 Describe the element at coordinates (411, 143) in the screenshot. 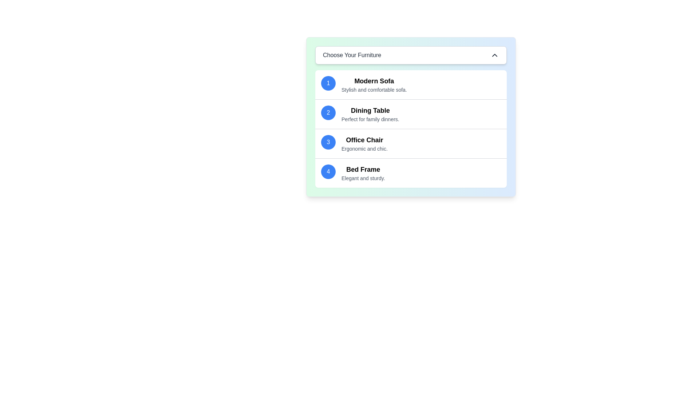

I see `the third list item which contains a blue circular badge with the number '3', a bold title 'Office Chair', and a subtitle 'Ergonomic and chic.'` at that location.